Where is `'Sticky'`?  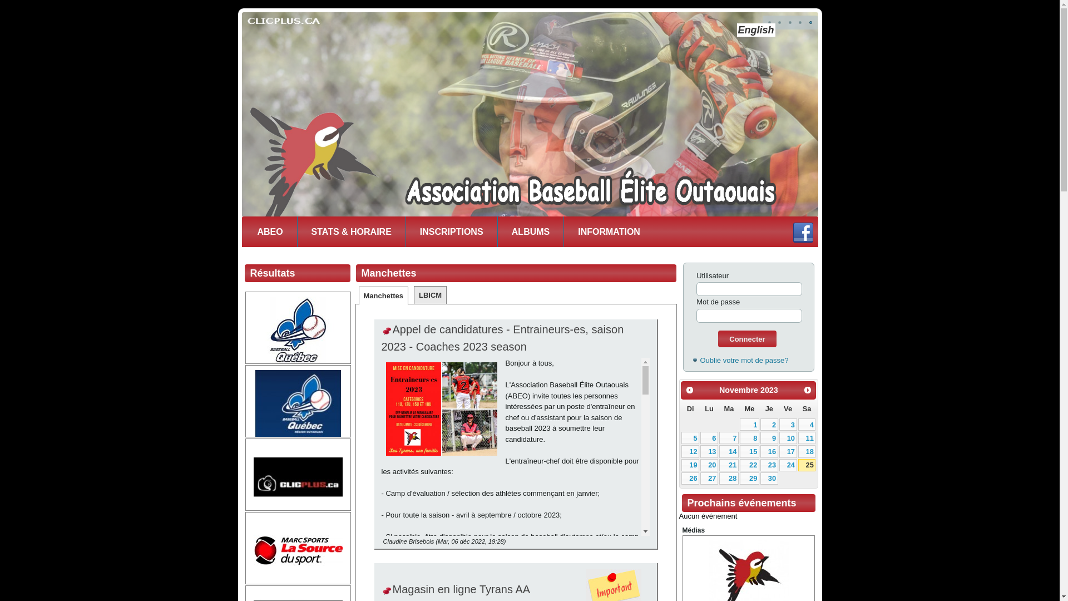
'Sticky' is located at coordinates (387, 591).